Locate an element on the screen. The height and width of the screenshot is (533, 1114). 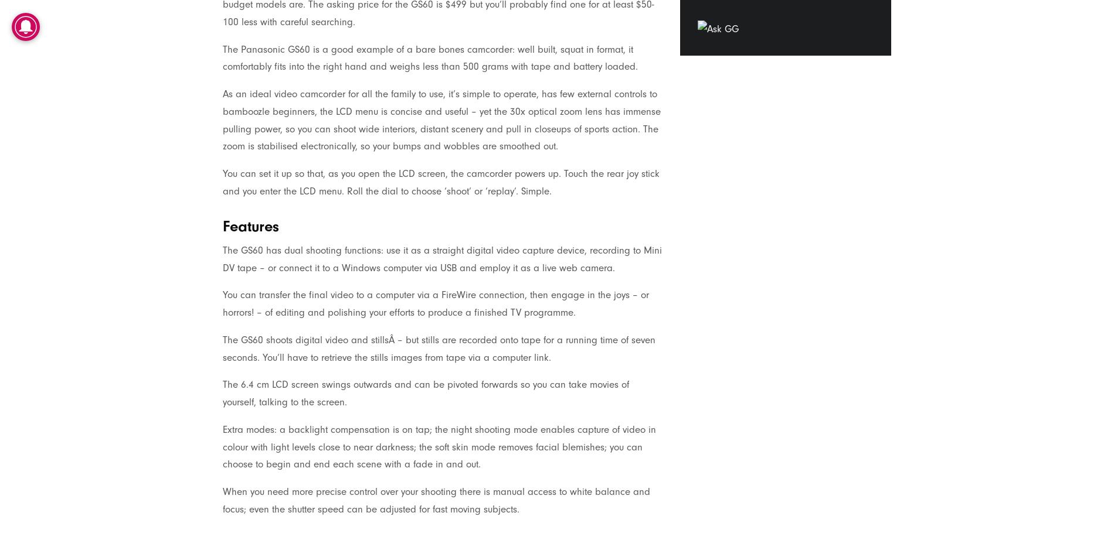
'The GS60 shoots digital video and stillsÂ – but stills are recorded onto tape for a running time of seven seconds. You’ll have to retrieve the stills images from tape via a computer link.' is located at coordinates (438, 347).